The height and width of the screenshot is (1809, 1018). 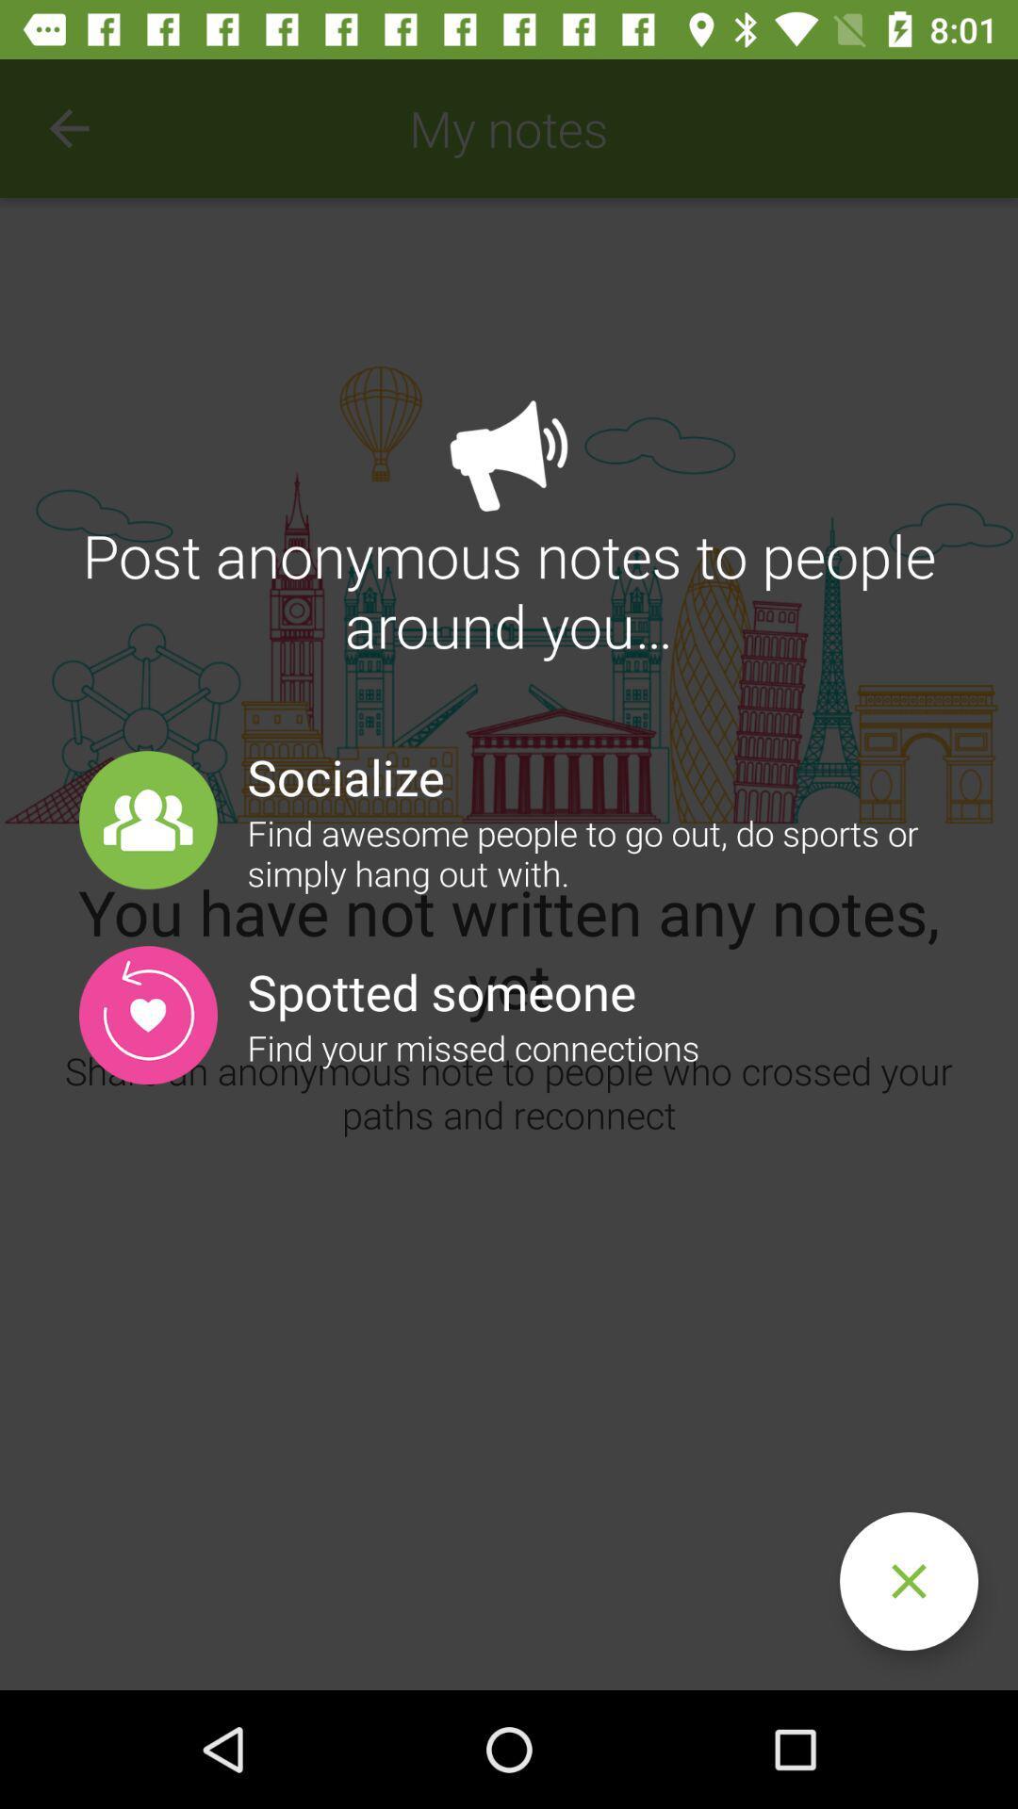 I want to click on the item below the find awesome people icon, so click(x=908, y=1581).